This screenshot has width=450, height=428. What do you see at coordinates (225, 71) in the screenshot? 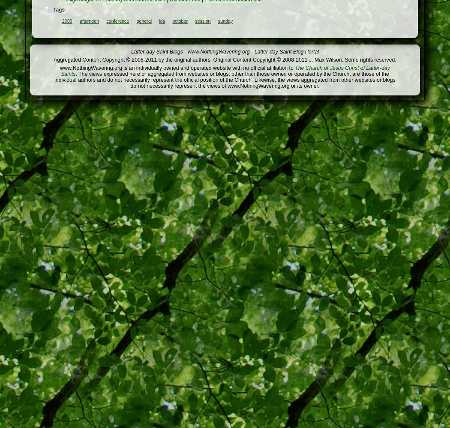
I see `'The Church of Jesus Christ of Latter-day Saints'` at bounding box center [225, 71].